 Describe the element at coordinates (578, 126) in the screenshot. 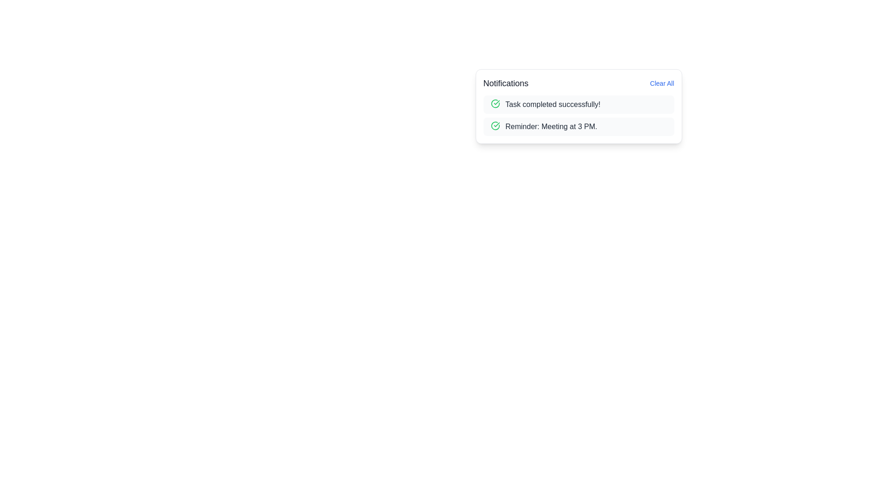

I see `the second notification item, which is a reminder about an upcoming meeting at 3 PM` at that location.